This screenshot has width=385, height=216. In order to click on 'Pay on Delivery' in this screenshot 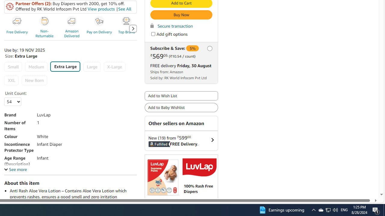, I will do `click(99, 21)`.